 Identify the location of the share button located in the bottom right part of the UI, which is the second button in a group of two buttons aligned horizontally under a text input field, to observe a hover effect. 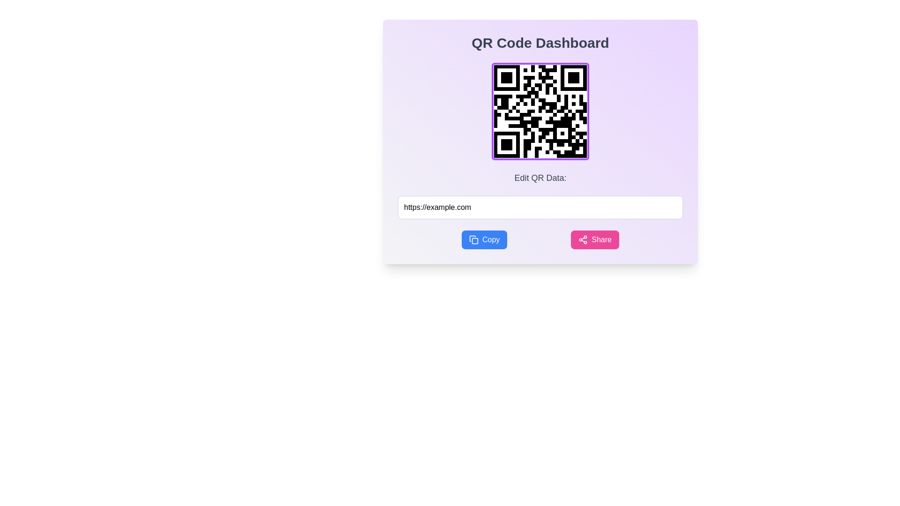
(594, 239).